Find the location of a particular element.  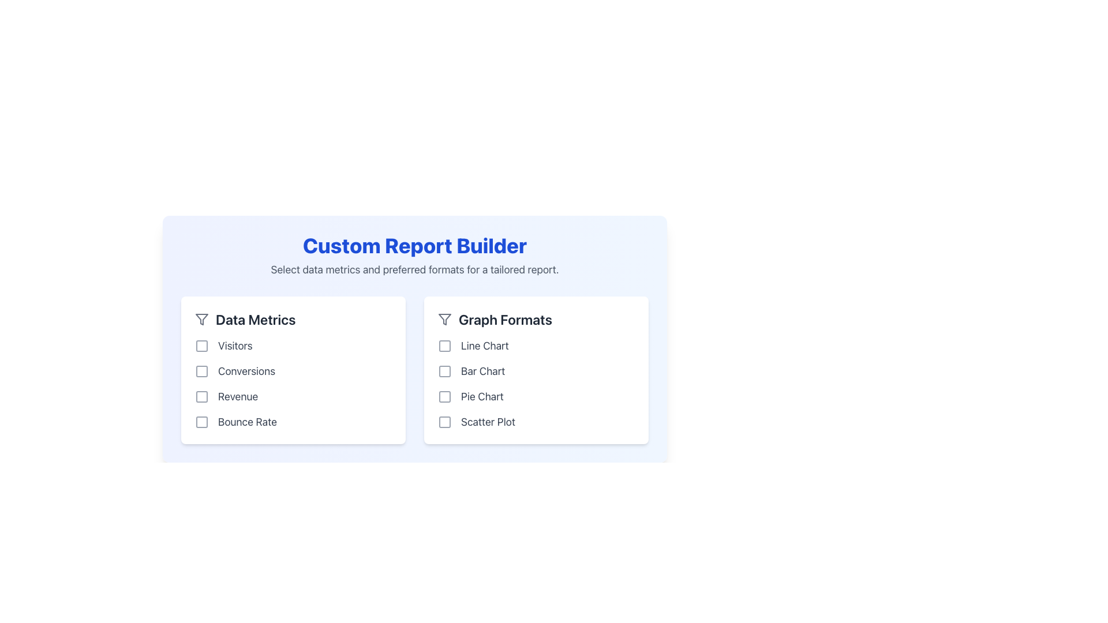

the static text element that reads 'Select data metrics and preferred formats for a tailored report.' which is styled in gray and located directly below the title 'Custom Report Builder.' is located at coordinates (415, 269).